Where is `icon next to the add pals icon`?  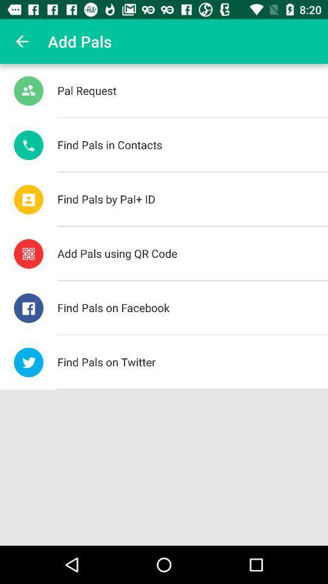 icon next to the add pals icon is located at coordinates (22, 41).